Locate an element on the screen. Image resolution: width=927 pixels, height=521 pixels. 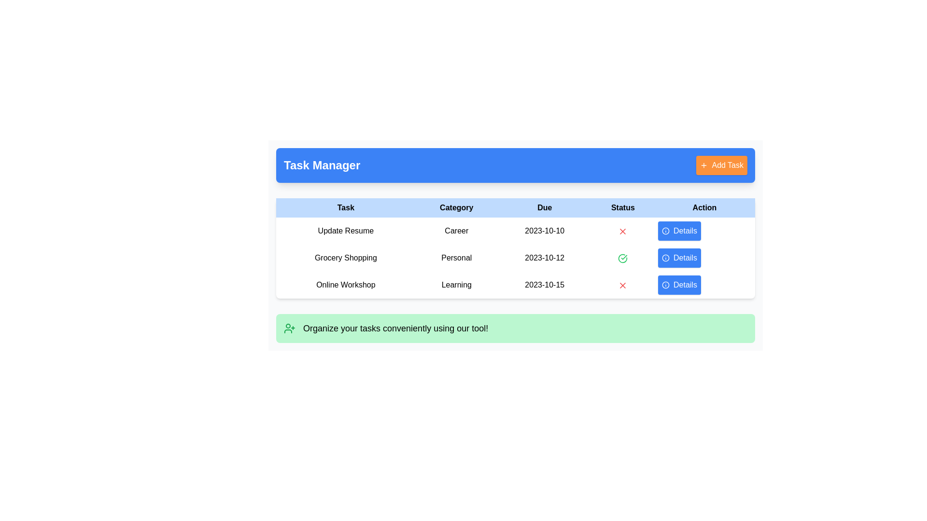
the text label displaying '2023-10-15' located in the third row of the table under the 'Due' column is located at coordinates (545, 284).